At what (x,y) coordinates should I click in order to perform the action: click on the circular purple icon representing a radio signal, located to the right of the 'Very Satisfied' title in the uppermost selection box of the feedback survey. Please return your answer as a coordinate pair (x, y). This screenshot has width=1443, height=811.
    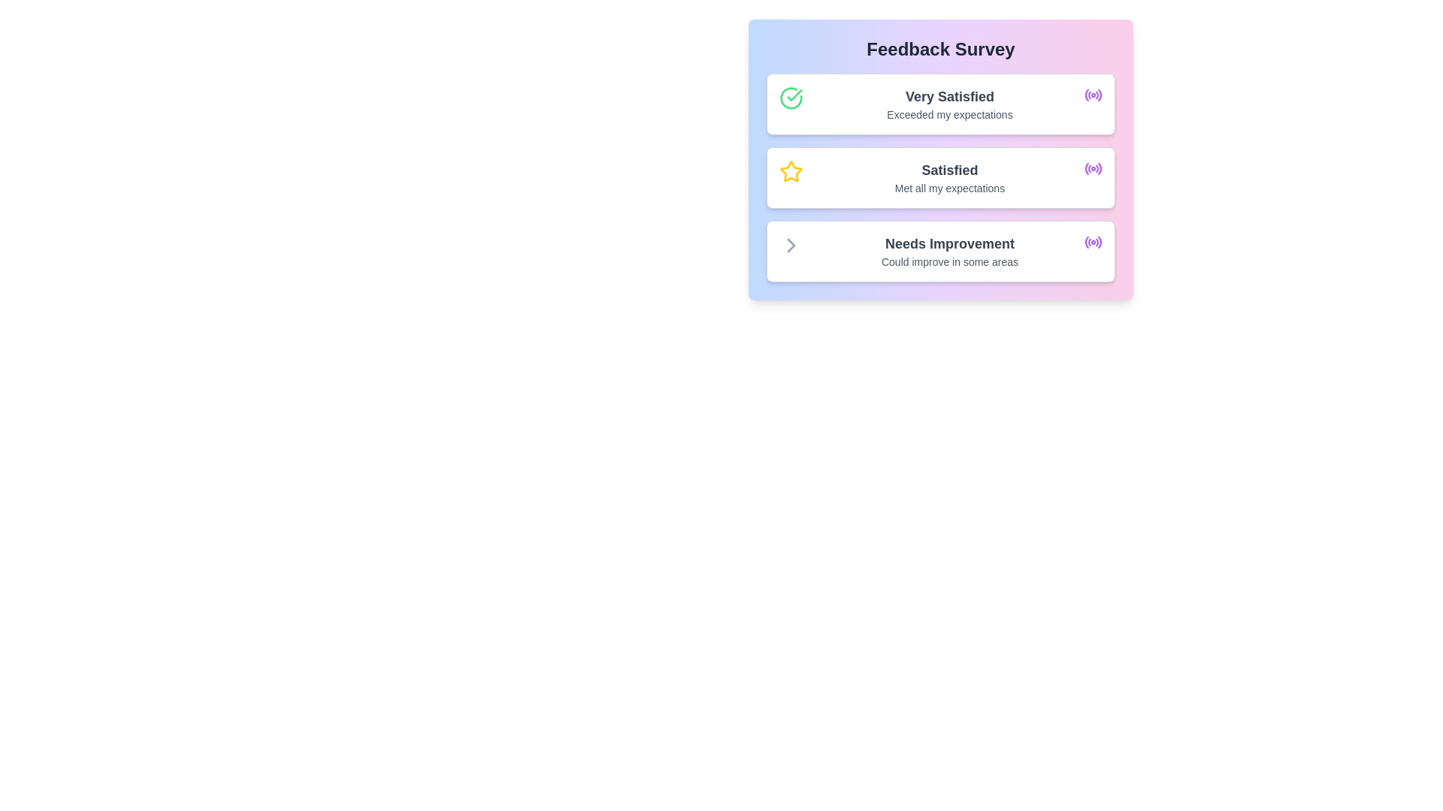
    Looking at the image, I should click on (1093, 95).